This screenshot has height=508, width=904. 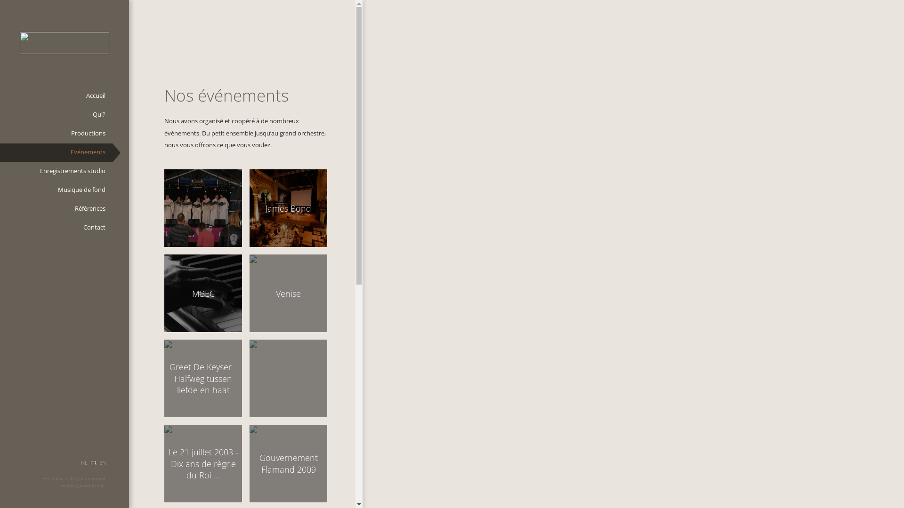 I want to click on 'EN', so click(x=102, y=466).